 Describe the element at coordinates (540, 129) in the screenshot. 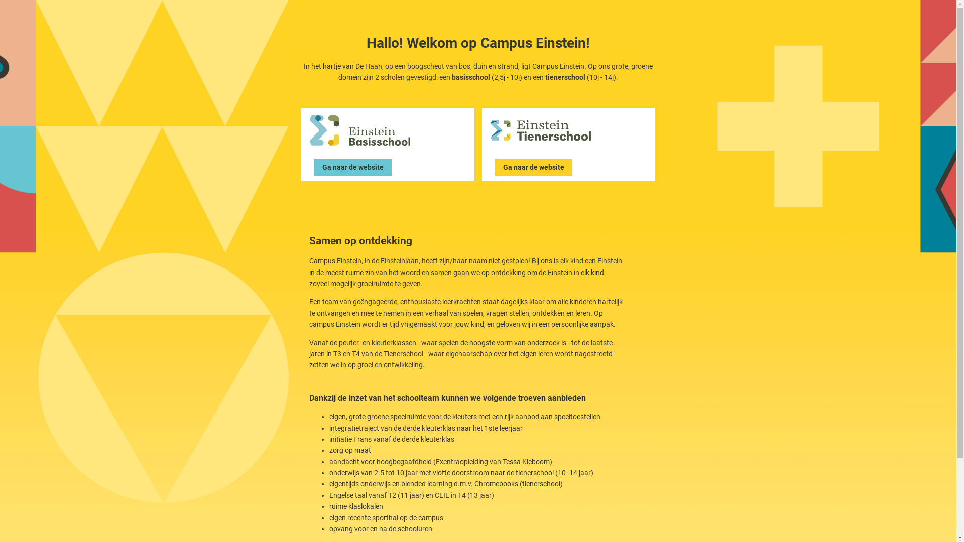

I see `'Logo Einstein Tienerschool'` at that location.